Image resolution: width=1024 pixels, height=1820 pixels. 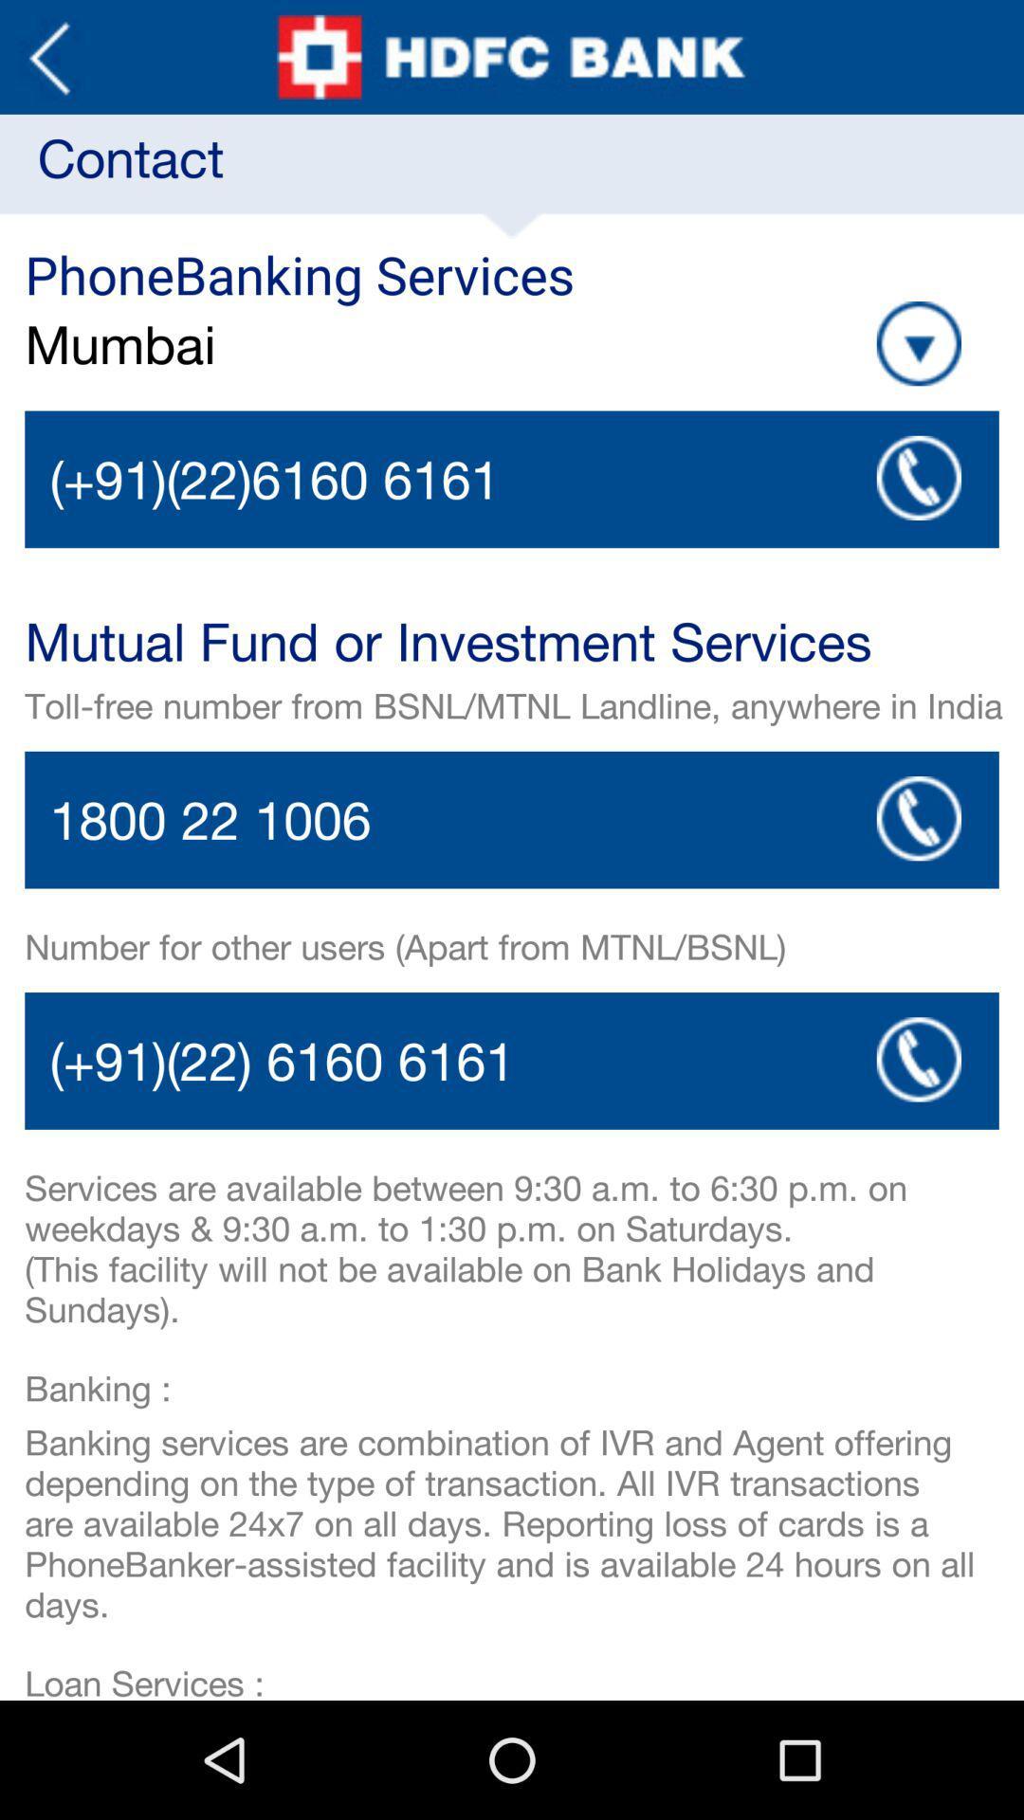 What do you see at coordinates (48, 57) in the screenshot?
I see `previous` at bounding box center [48, 57].